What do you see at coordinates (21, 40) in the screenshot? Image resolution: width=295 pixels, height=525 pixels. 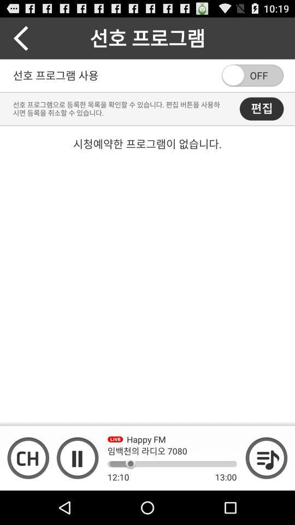 I see `the arrow_backward icon` at bounding box center [21, 40].